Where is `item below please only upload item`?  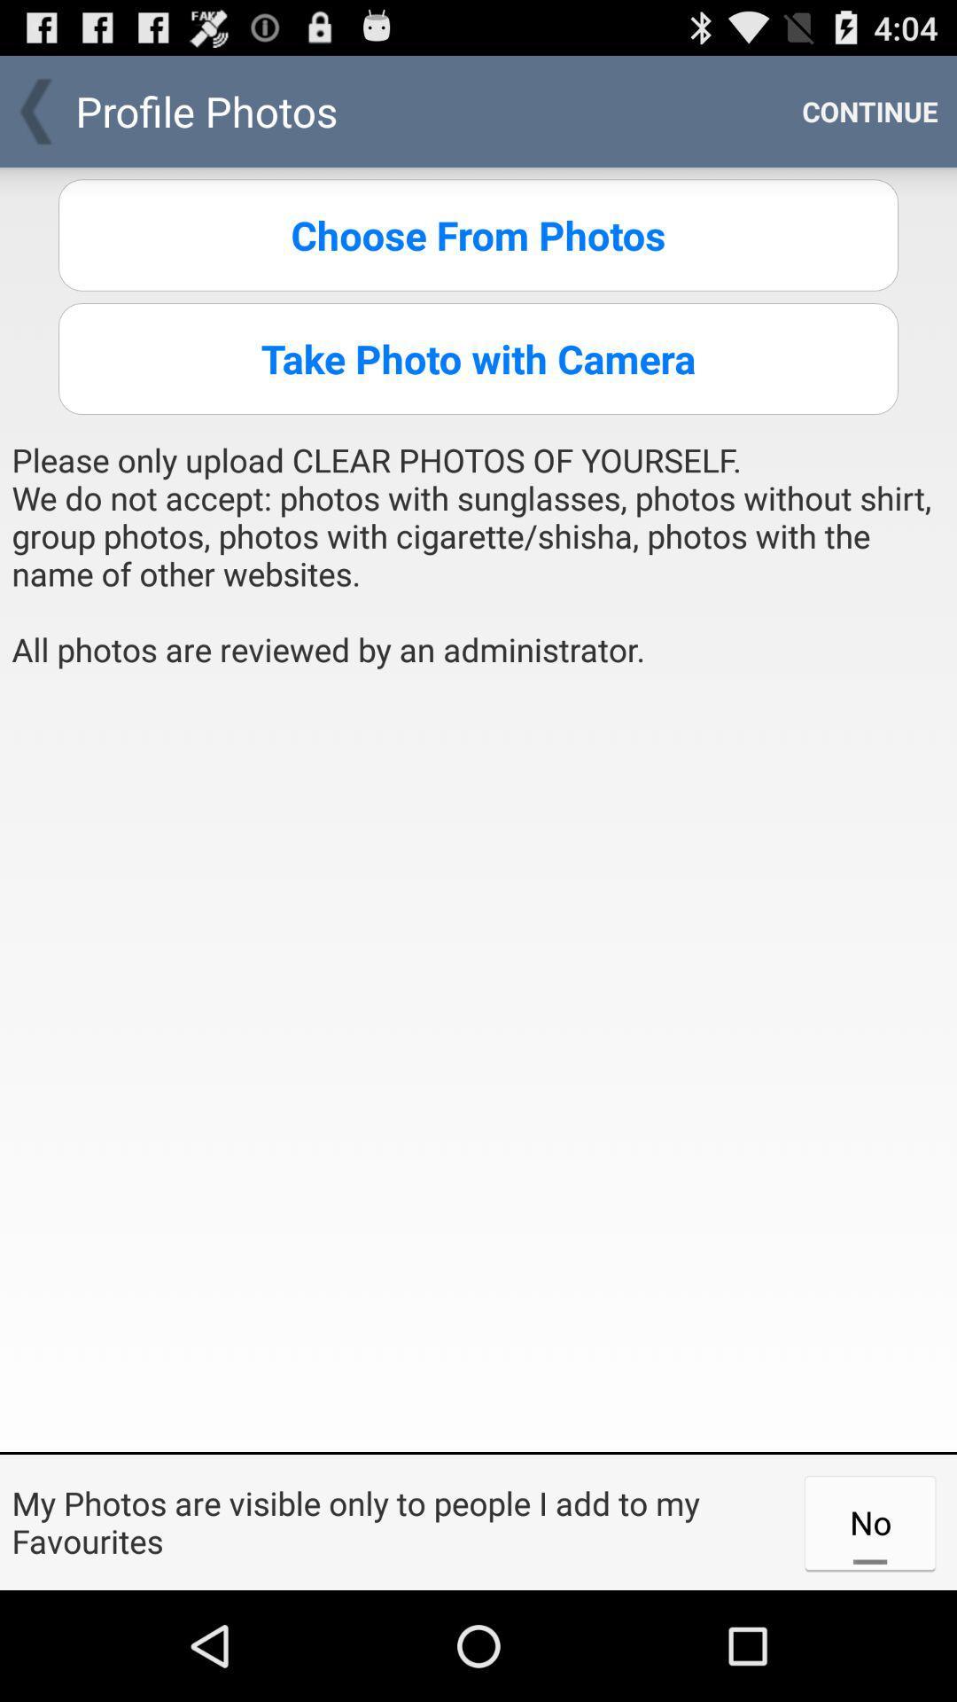
item below please only upload item is located at coordinates (478, 1066).